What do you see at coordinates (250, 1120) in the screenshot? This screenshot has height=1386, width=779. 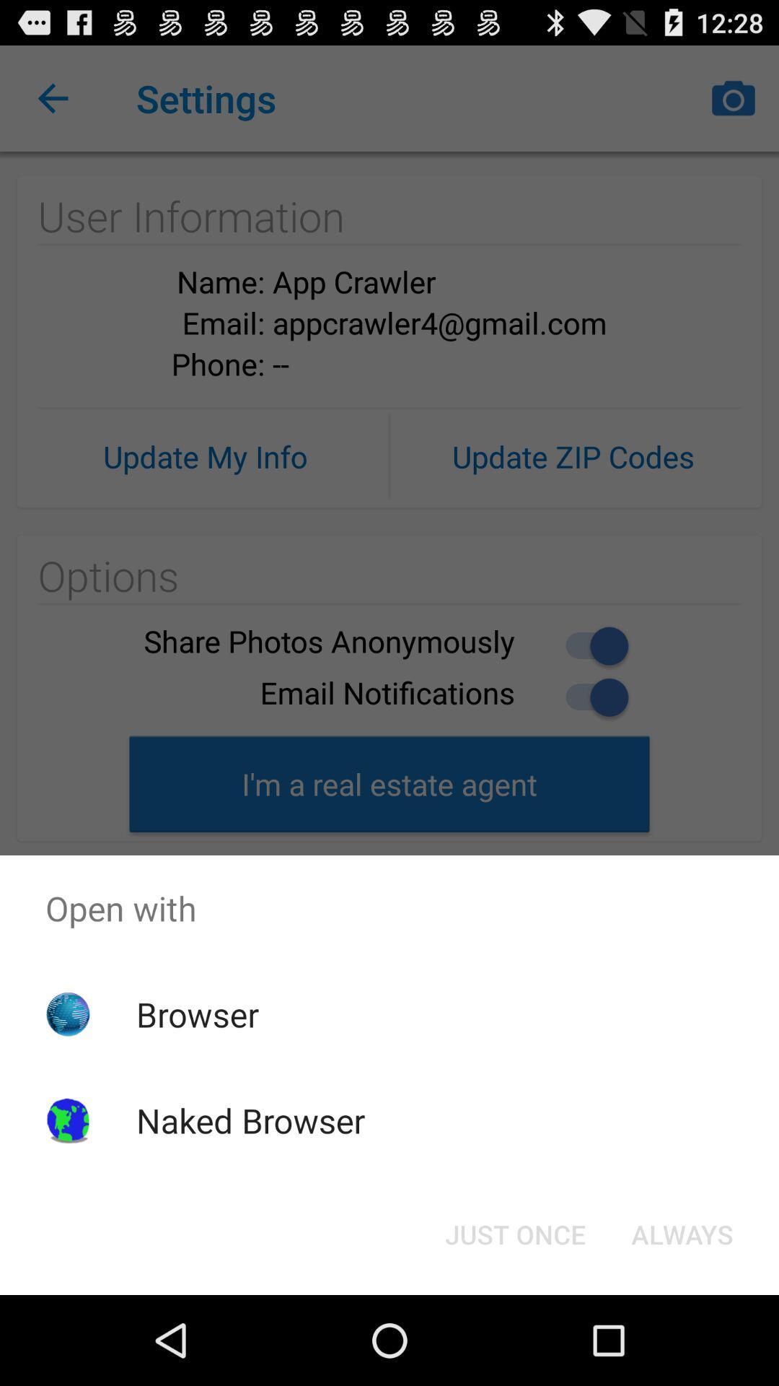 I see `the icon below the browser app` at bounding box center [250, 1120].